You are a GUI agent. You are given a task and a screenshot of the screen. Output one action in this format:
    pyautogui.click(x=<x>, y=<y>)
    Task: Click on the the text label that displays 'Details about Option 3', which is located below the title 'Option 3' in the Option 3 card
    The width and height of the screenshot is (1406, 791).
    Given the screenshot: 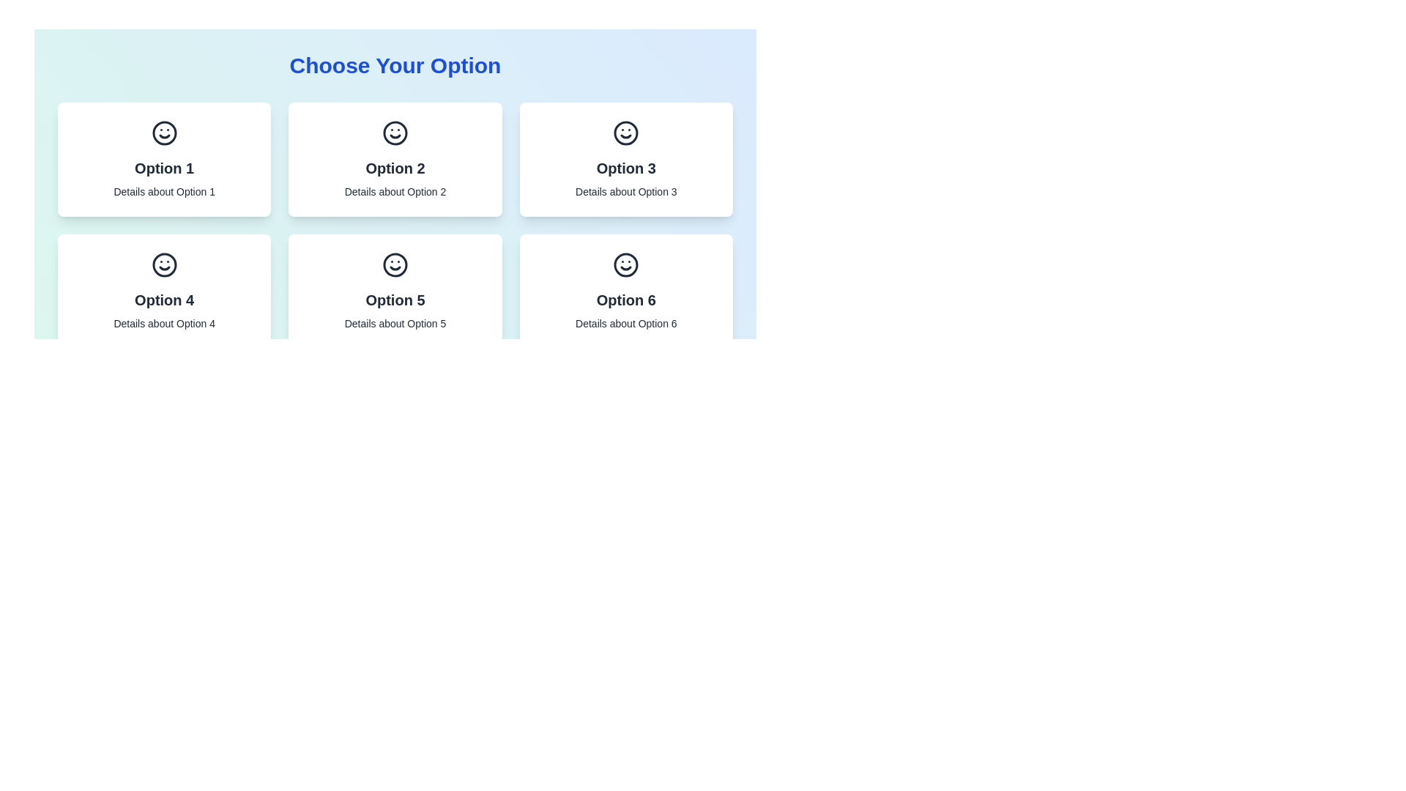 What is the action you would take?
    pyautogui.click(x=626, y=191)
    